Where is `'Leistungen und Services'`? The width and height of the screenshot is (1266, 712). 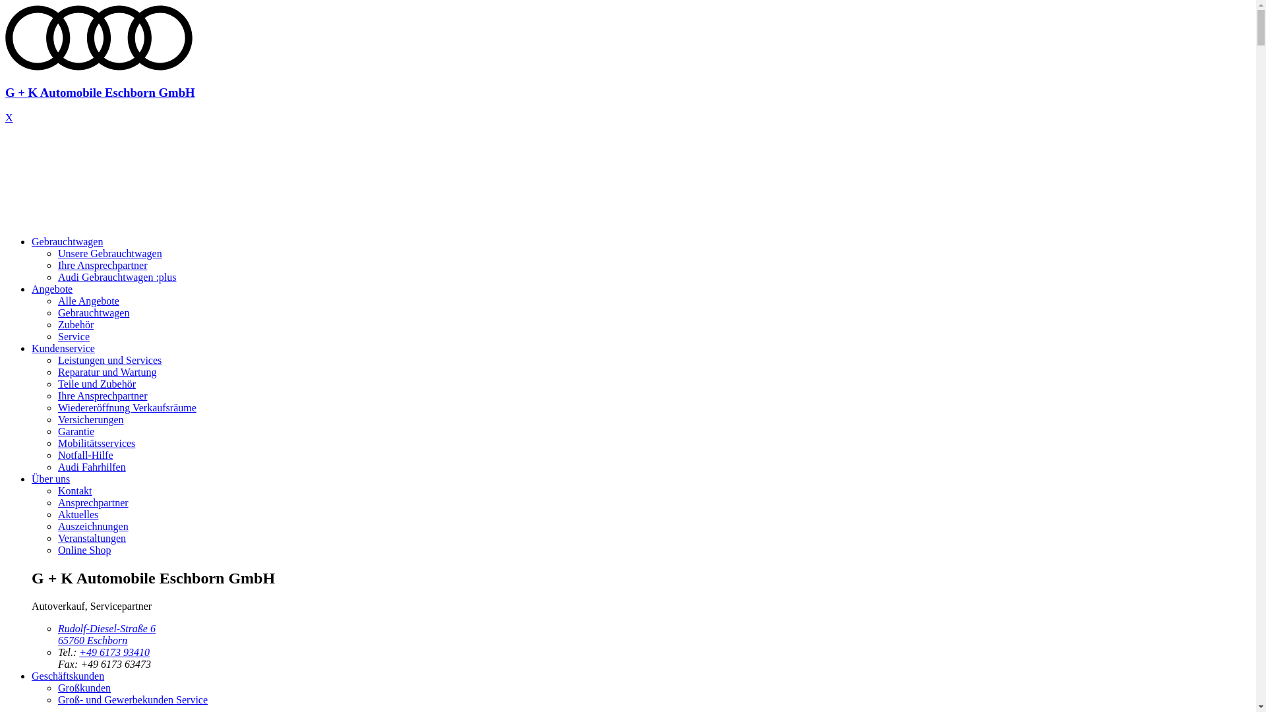 'Leistungen und Services' is located at coordinates (57, 360).